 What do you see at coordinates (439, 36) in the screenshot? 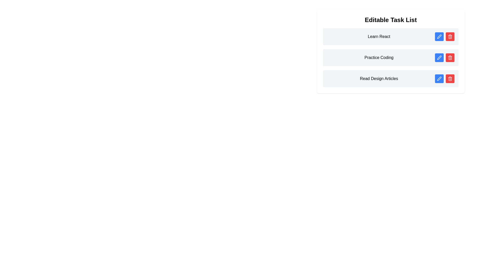
I see `the small blue rounded rectangular button with a white pen icon located in the topmost task row of the task list interface, positioned to the right of the 'Learn React' label and to the left of a red delete button to change its styling` at bounding box center [439, 36].